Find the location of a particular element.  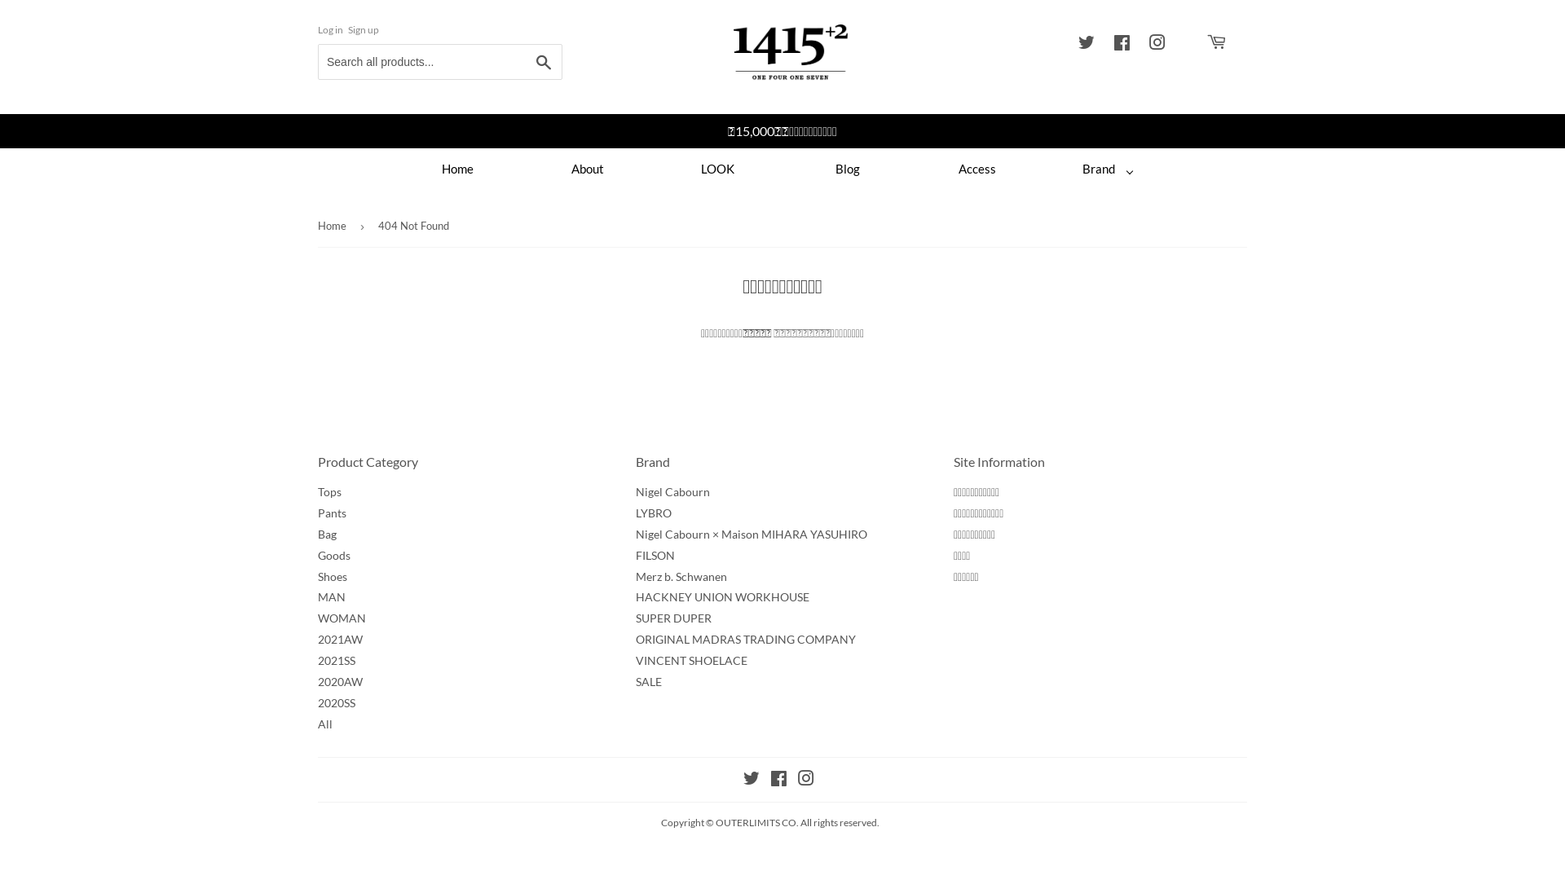

'FILSON' is located at coordinates (655, 554).